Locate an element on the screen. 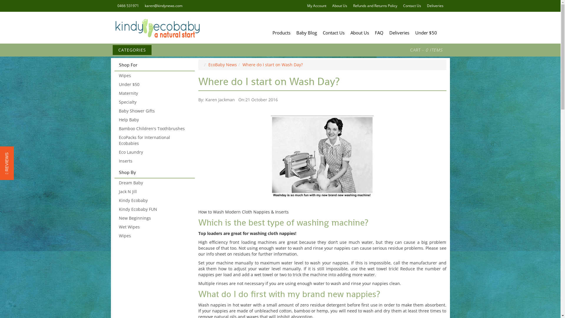  'Deliveries' is located at coordinates (399, 33).